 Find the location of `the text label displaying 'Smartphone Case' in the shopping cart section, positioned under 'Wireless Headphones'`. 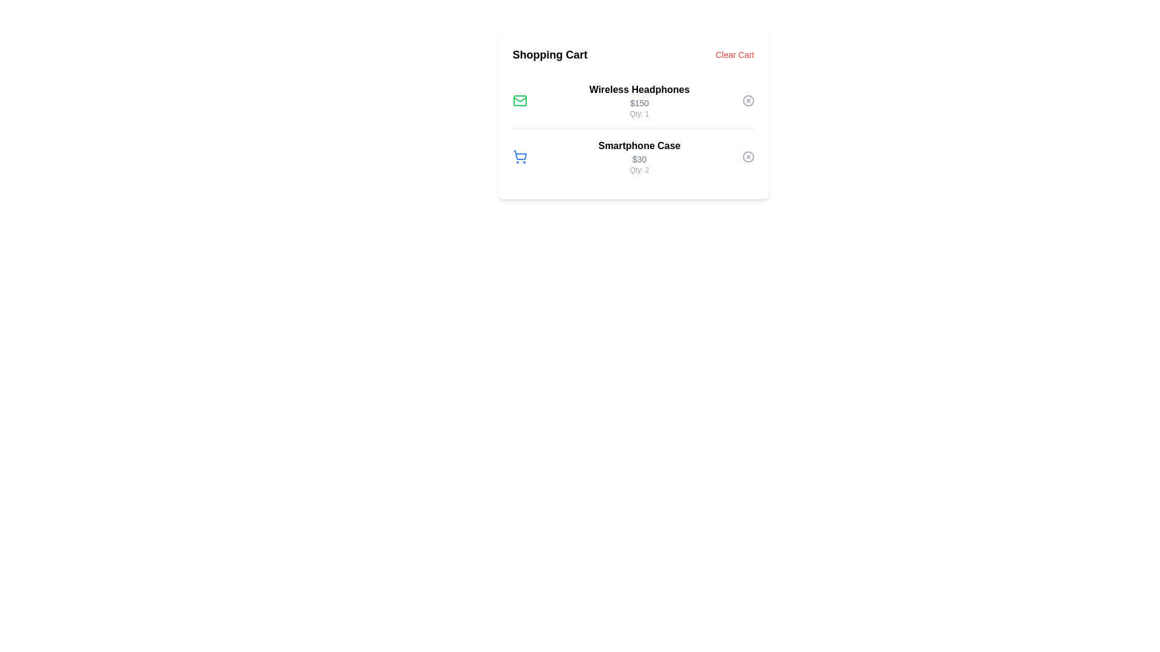

the text label displaying 'Smartphone Case' in the shopping cart section, positioned under 'Wireless Headphones' is located at coordinates (639, 145).